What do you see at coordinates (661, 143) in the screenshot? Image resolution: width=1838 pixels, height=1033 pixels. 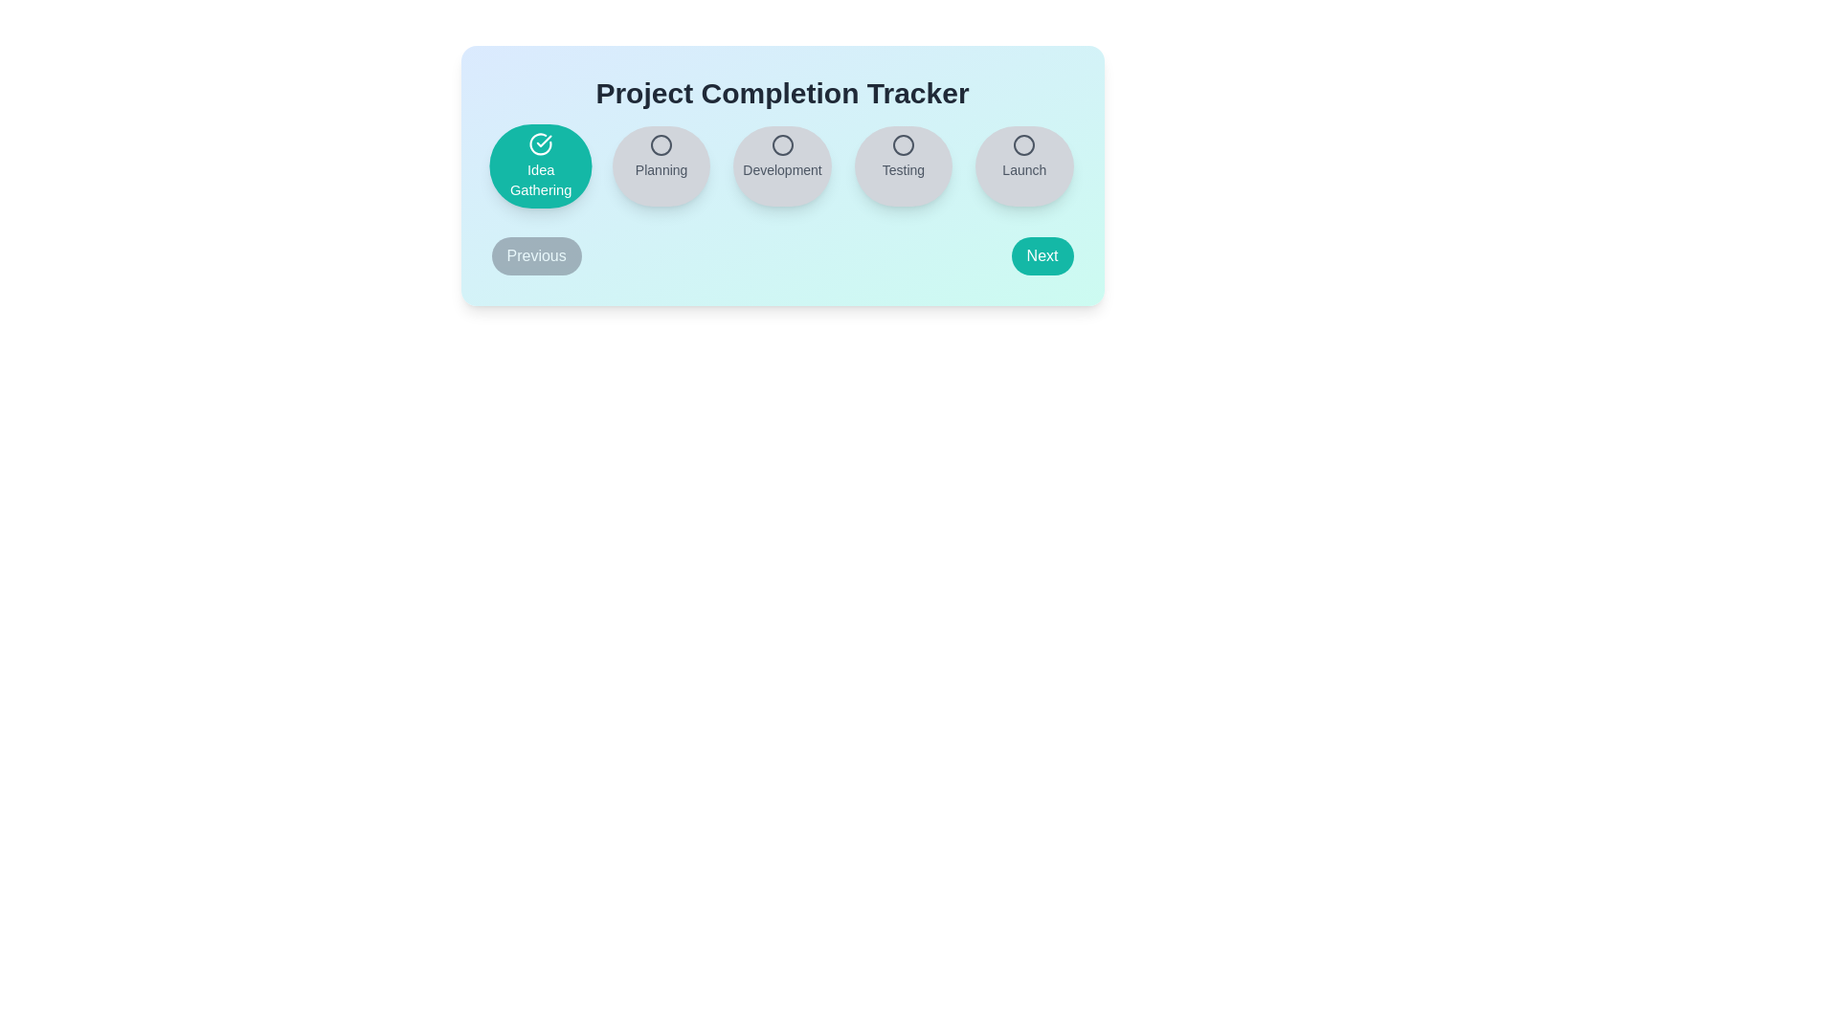 I see `the 'Planning' step icon in the multi-step process tracker, which indicates the current step of the process` at bounding box center [661, 143].